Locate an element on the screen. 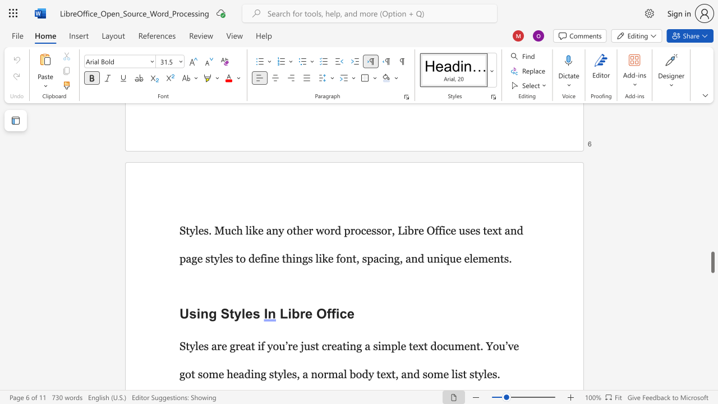  the scrollbar on the right to shift the page higher is located at coordinates (712, 128).